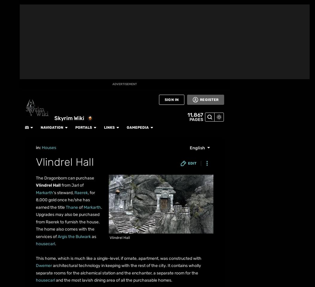 Image resolution: width=315 pixels, height=287 pixels. Describe the element at coordinates (79, 131) in the screenshot. I see `'Darkness Returns (quest)'` at that location.